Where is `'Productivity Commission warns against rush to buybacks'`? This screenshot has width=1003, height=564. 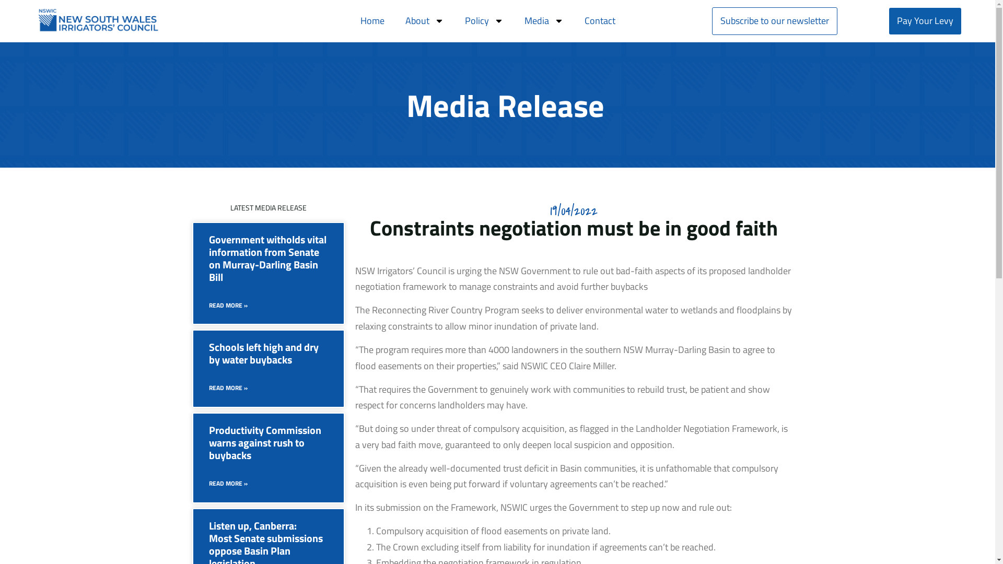
'Productivity Commission warns against rush to buybacks' is located at coordinates (265, 442).